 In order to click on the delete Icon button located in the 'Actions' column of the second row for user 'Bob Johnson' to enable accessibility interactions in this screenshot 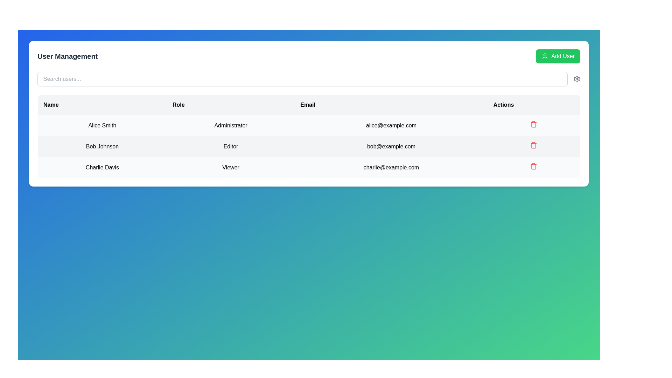, I will do `click(533, 145)`.